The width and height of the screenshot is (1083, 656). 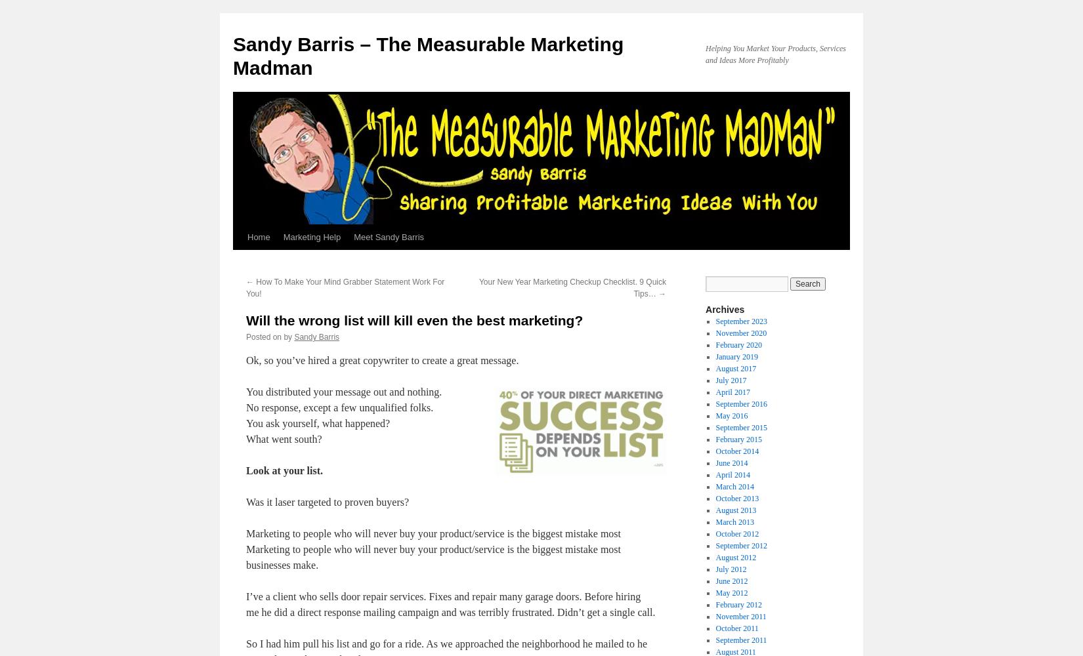 I want to click on 'Ok, so you’ve hired a great copywriter to create a great message.', so click(x=246, y=360).